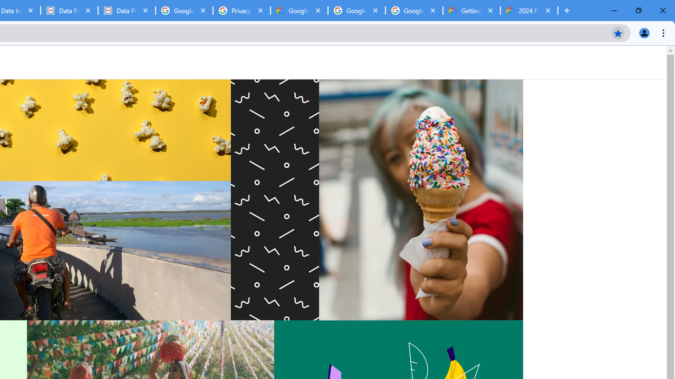  I want to click on 'Data Privacy Framework', so click(127, 11).